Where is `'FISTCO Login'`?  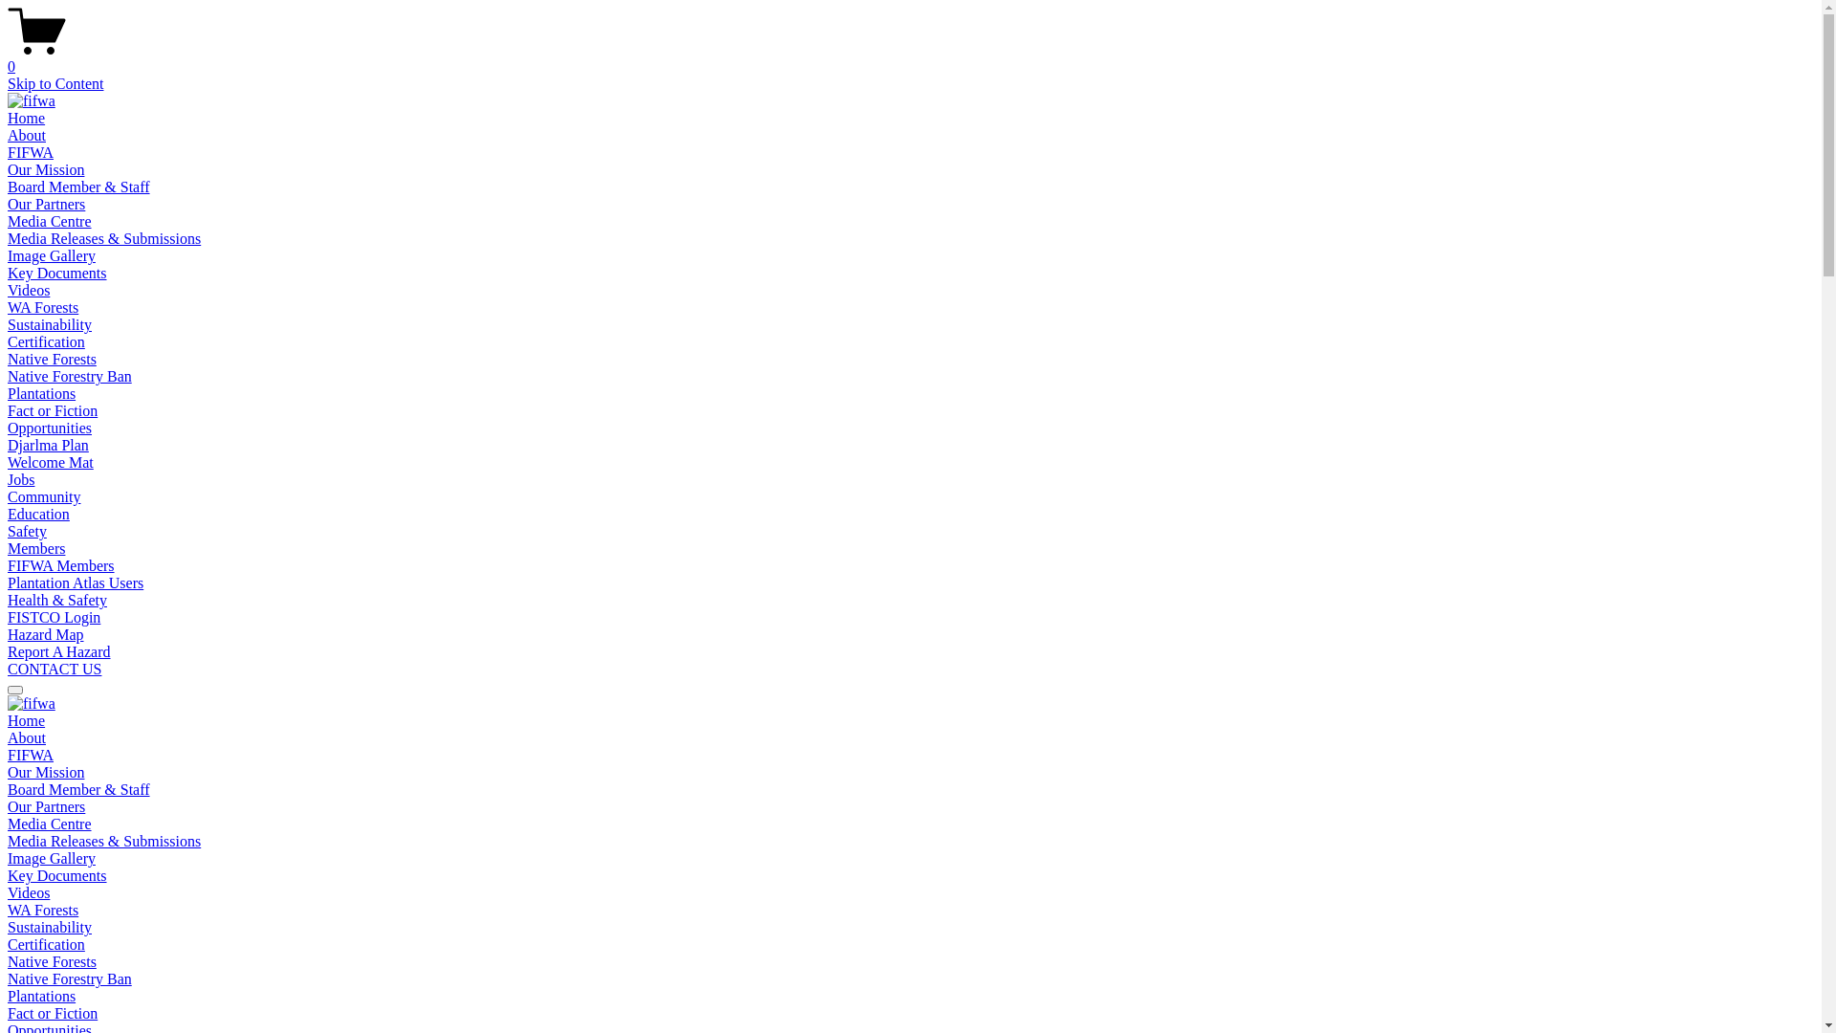 'FISTCO Login' is located at coordinates (54, 617).